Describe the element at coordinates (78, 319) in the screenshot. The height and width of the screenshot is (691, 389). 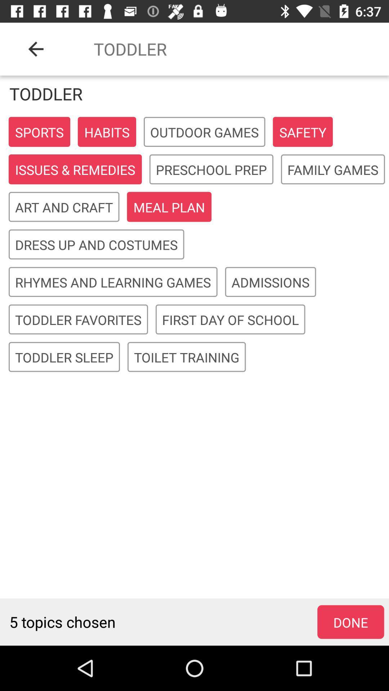
I see `item above the toddler sleep` at that location.